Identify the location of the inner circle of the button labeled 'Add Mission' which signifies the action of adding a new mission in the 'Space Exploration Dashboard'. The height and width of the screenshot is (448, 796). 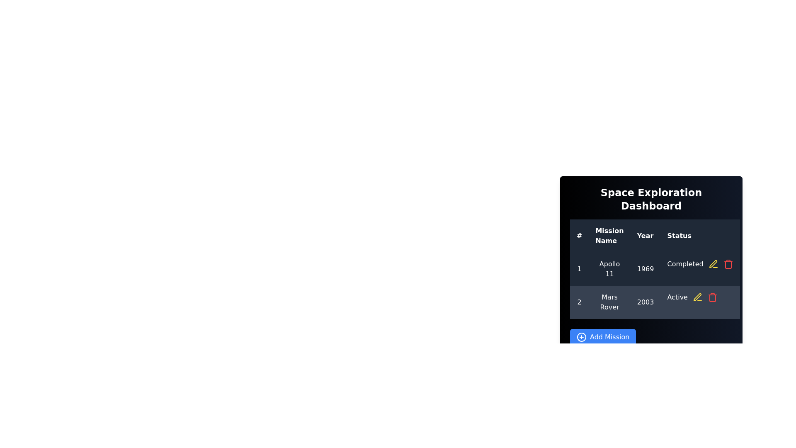
(581, 337).